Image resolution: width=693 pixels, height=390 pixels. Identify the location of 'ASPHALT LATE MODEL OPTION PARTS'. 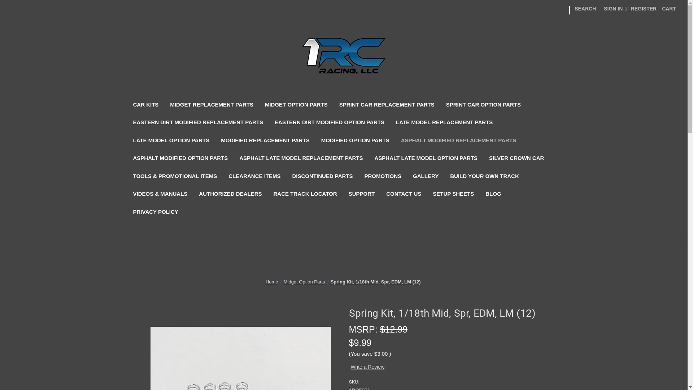
(369, 159).